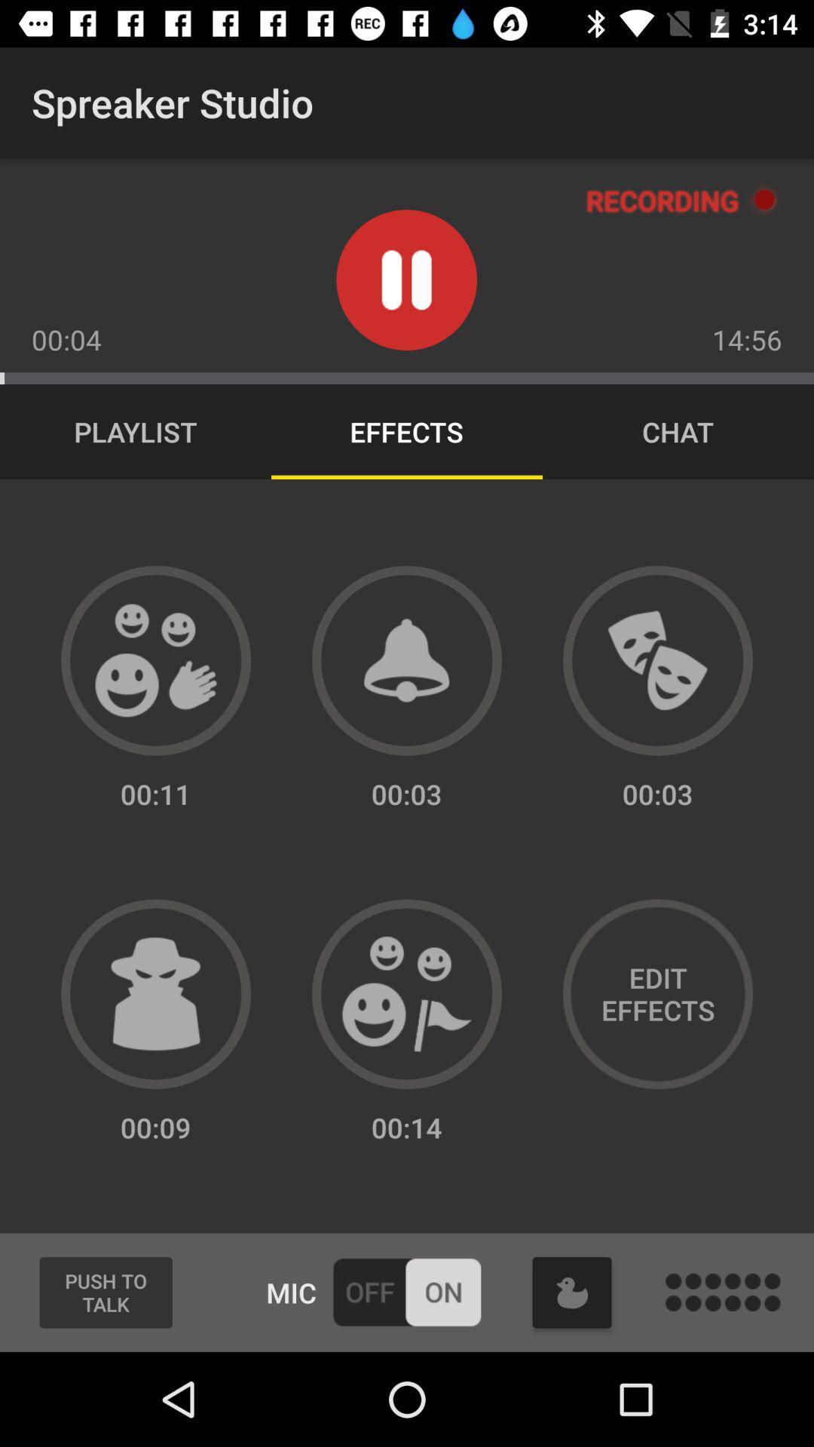 The width and height of the screenshot is (814, 1447). I want to click on okat happy adventure effects, so click(407, 994).